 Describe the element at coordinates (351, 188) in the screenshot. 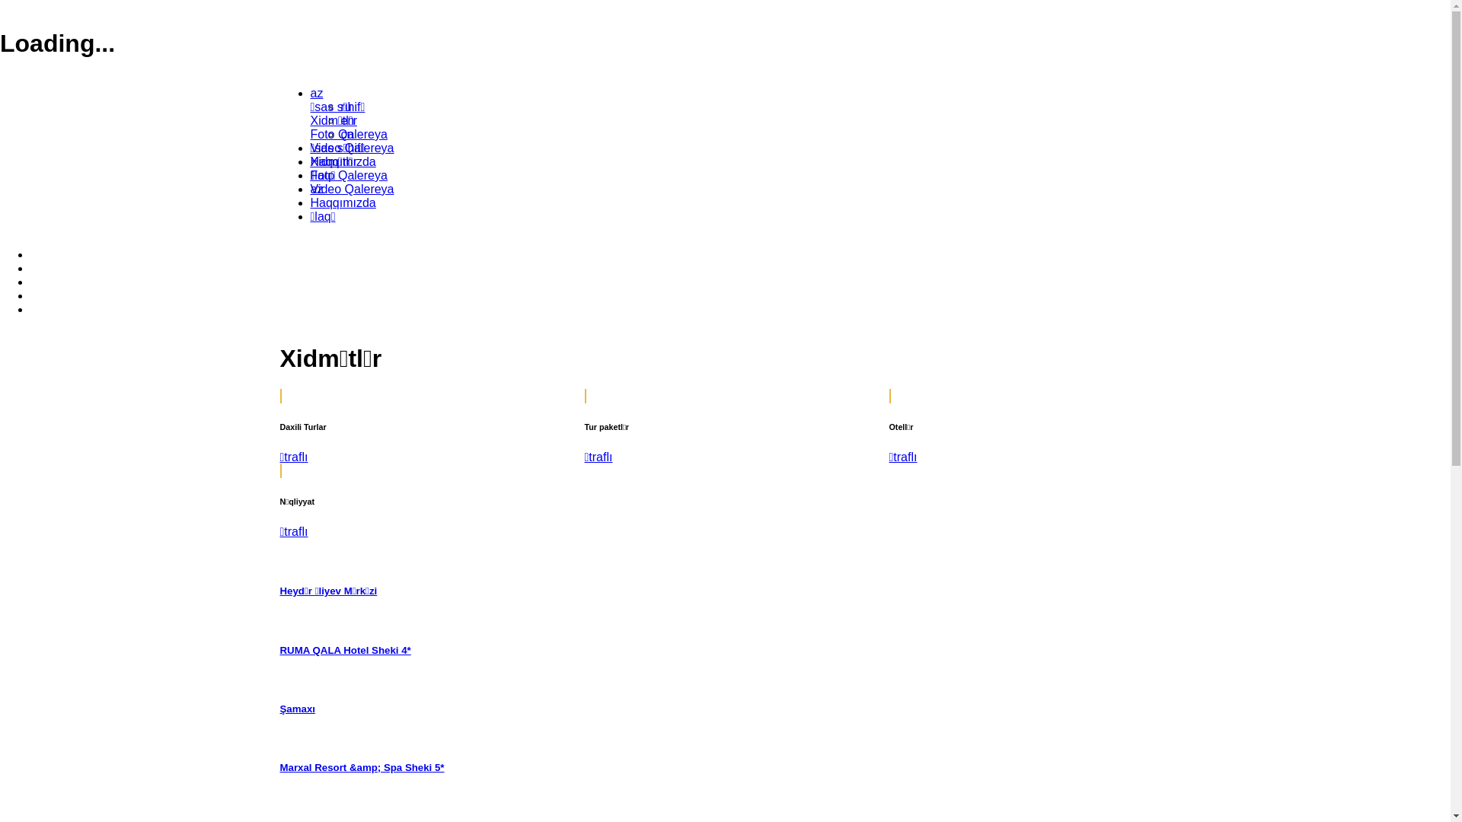

I see `'Video Qalereya'` at that location.